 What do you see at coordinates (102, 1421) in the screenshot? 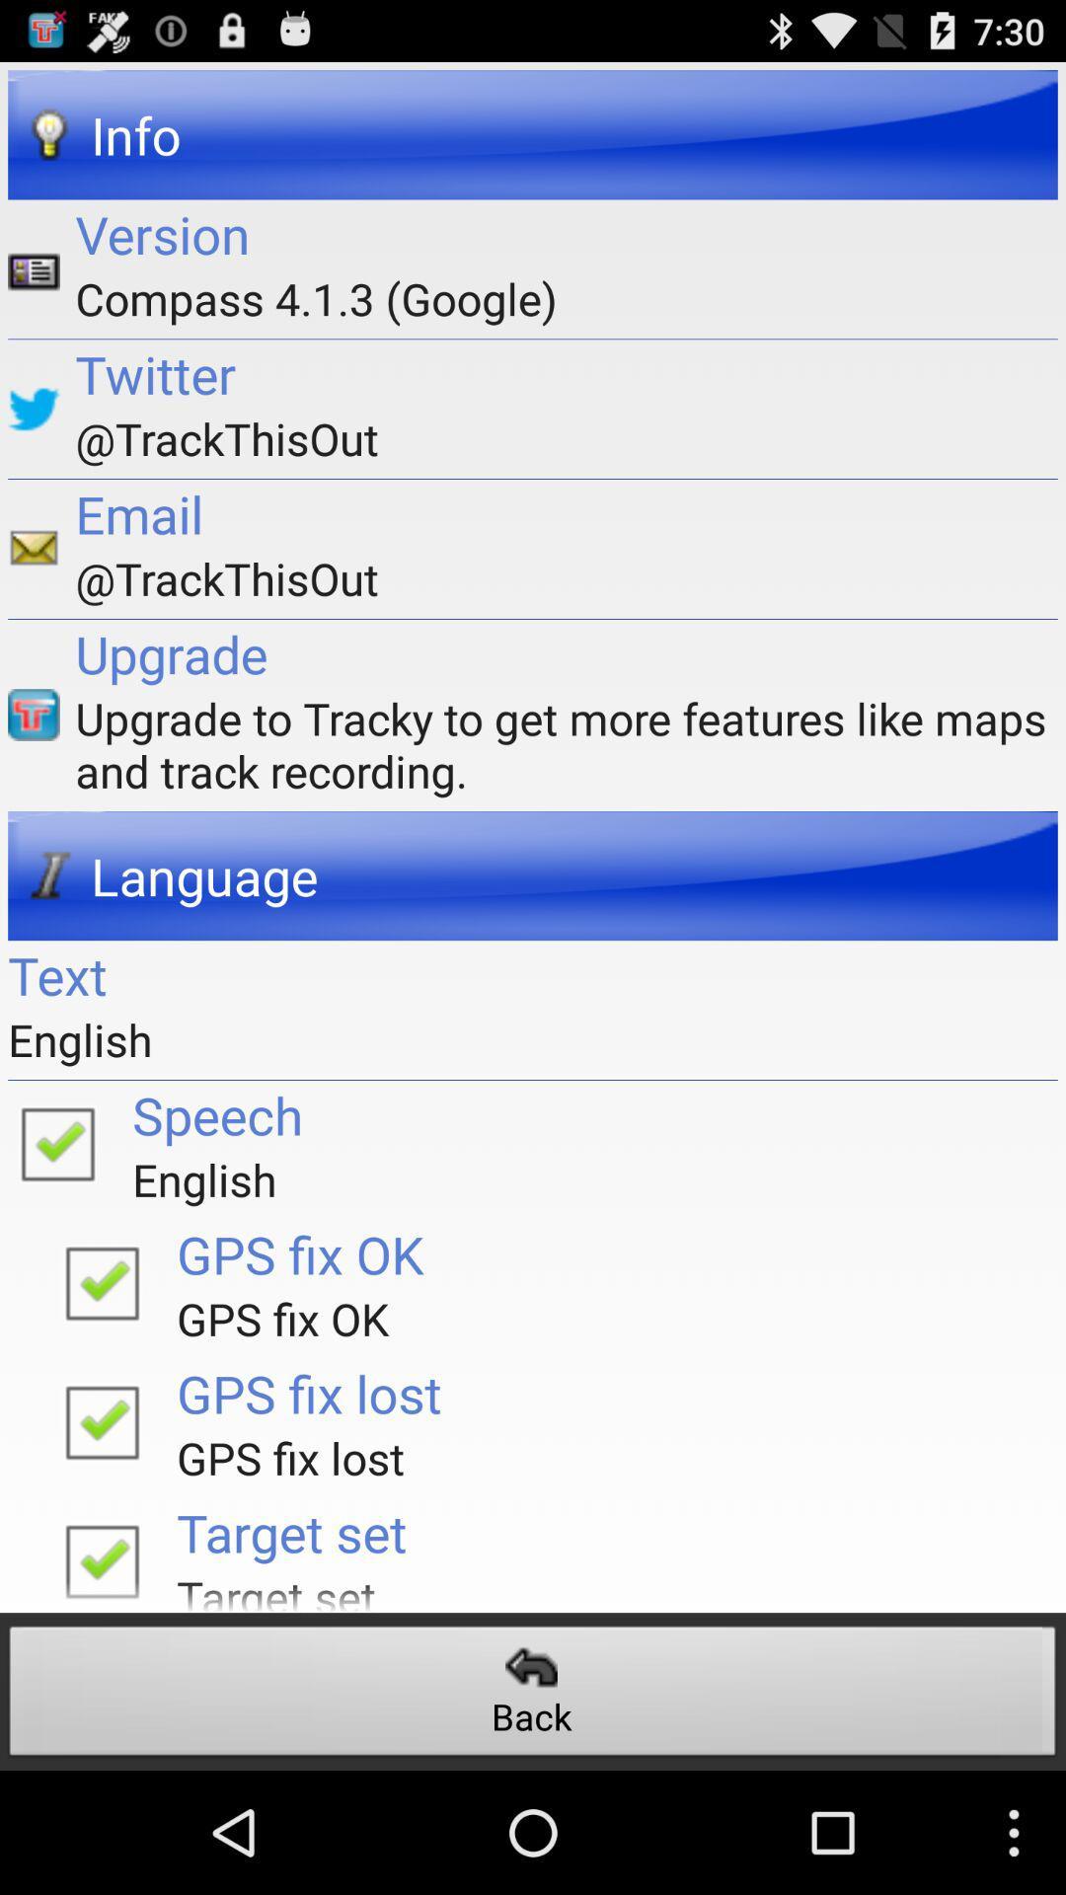
I see `click option` at bounding box center [102, 1421].